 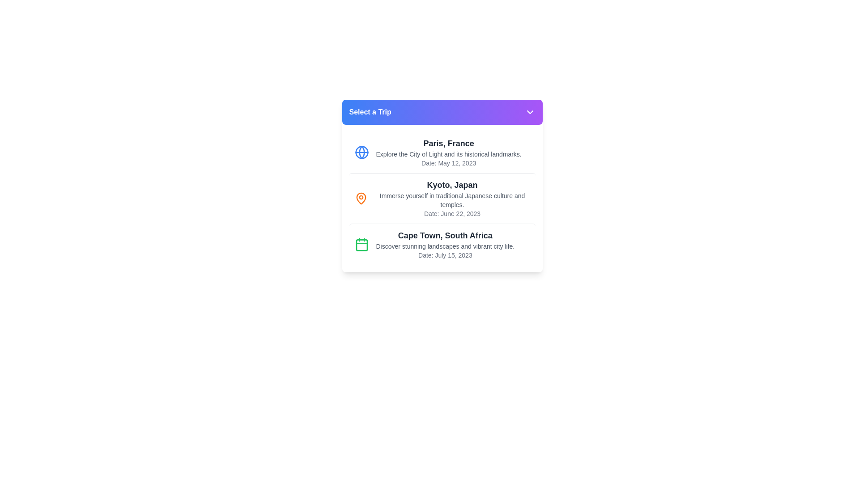 I want to click on the static text label displaying 'Date: May 12, 2023', which is located below the description text in the 'Paris, France' section of the interface, so click(x=449, y=163).